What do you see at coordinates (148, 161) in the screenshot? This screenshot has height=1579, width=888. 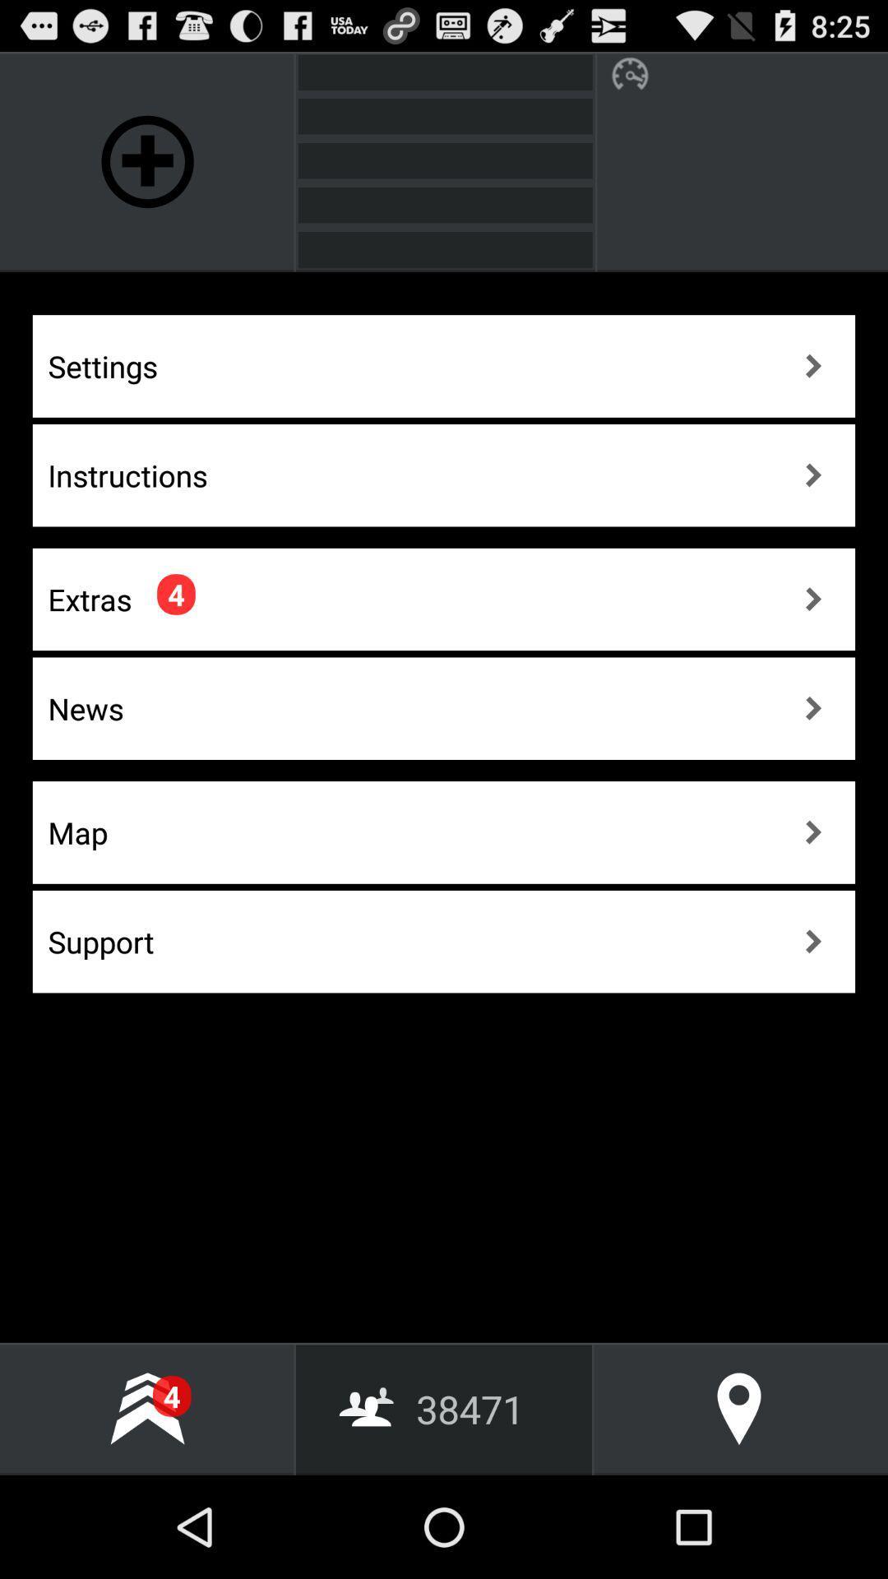 I see `the button which is above the settings` at bounding box center [148, 161].